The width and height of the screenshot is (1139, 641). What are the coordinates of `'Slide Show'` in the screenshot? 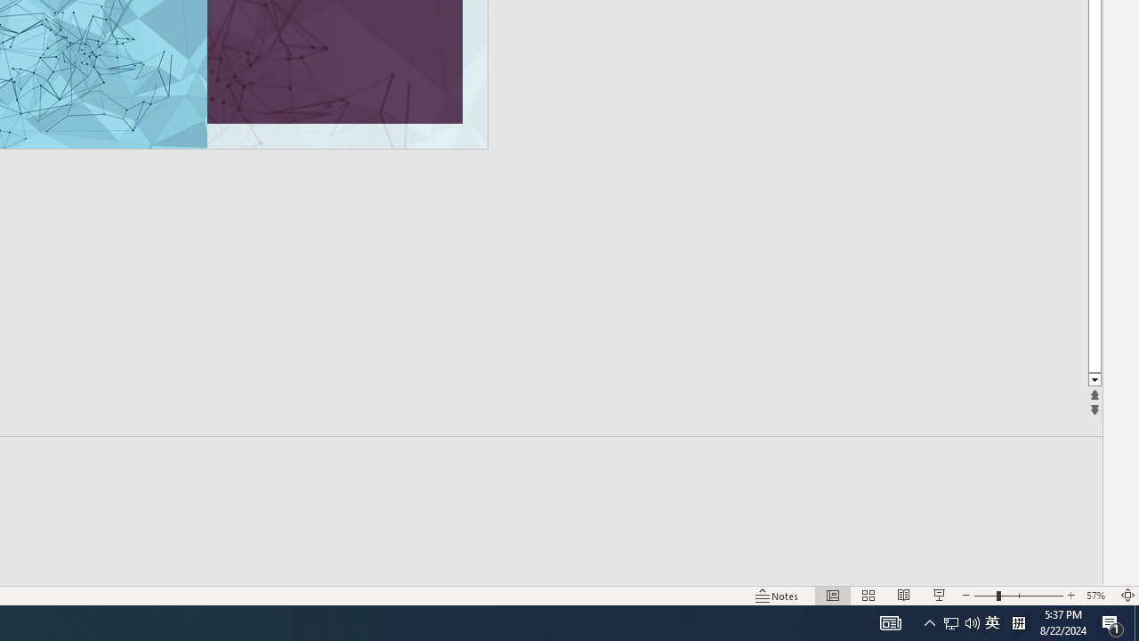 It's located at (939, 596).